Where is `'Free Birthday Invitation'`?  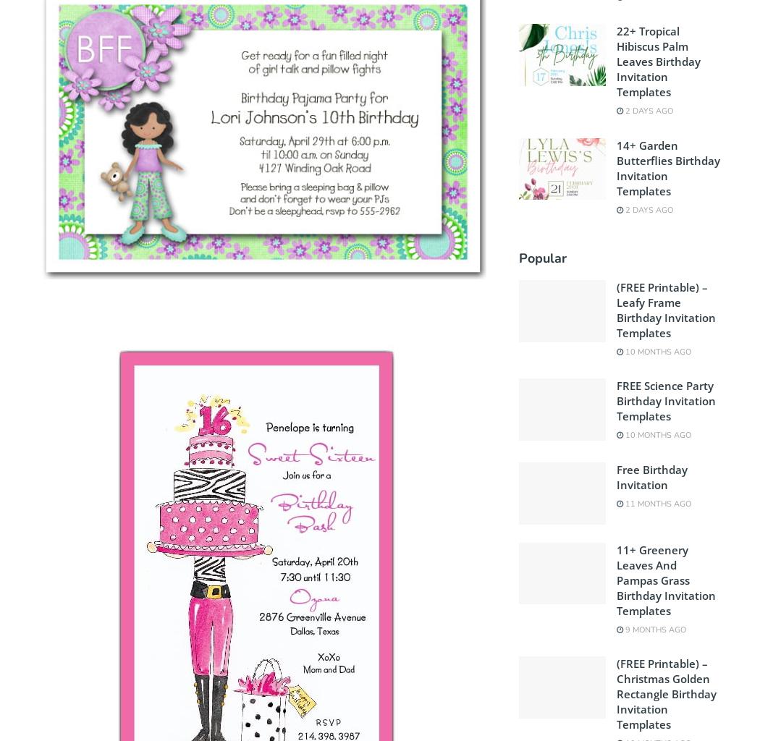 'Free Birthday Invitation' is located at coordinates (650, 475).